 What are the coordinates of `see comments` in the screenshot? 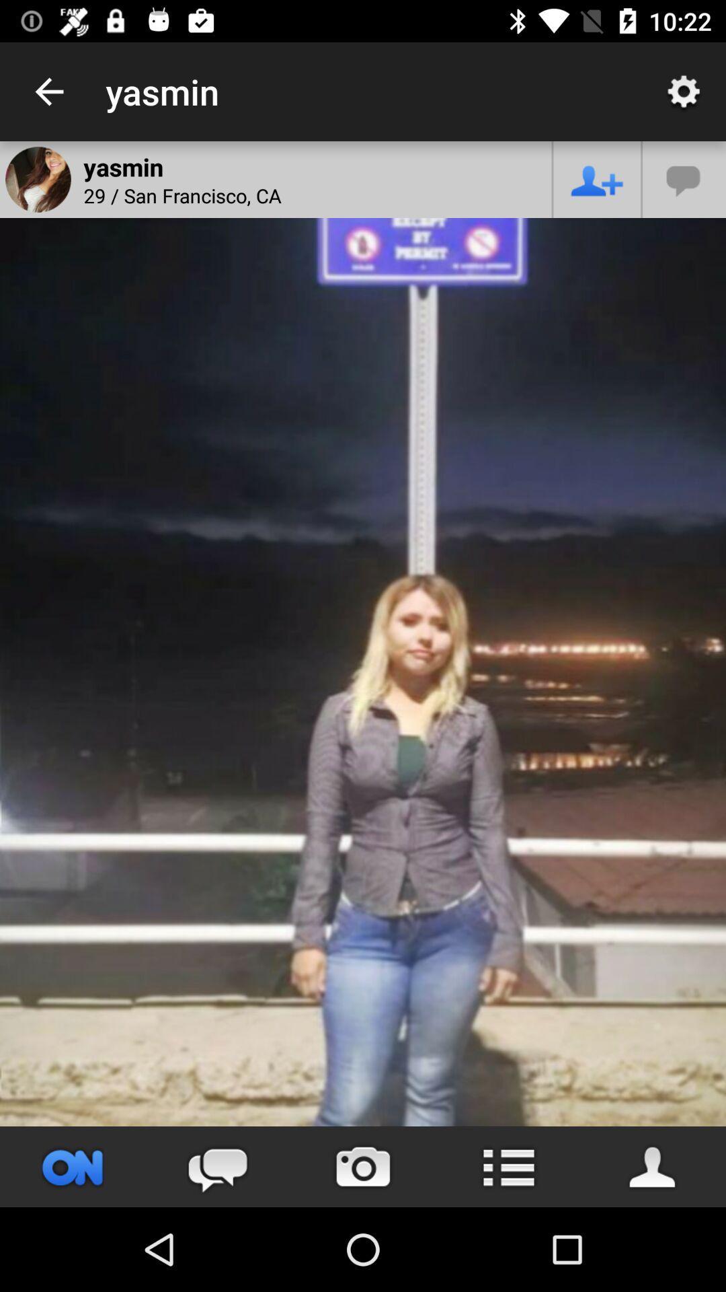 It's located at (217, 1166).